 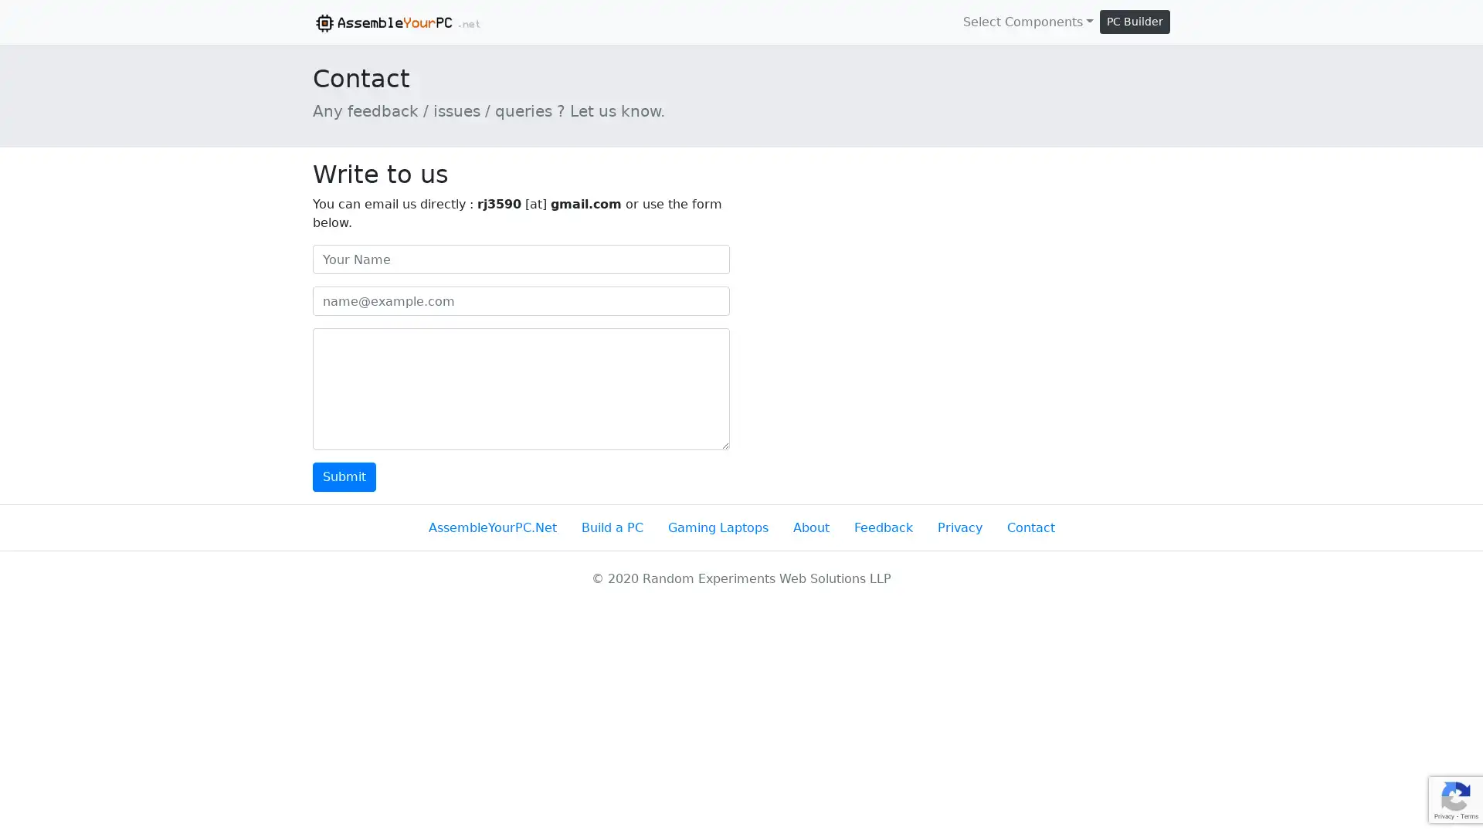 What do you see at coordinates (344, 476) in the screenshot?
I see `Submit` at bounding box center [344, 476].